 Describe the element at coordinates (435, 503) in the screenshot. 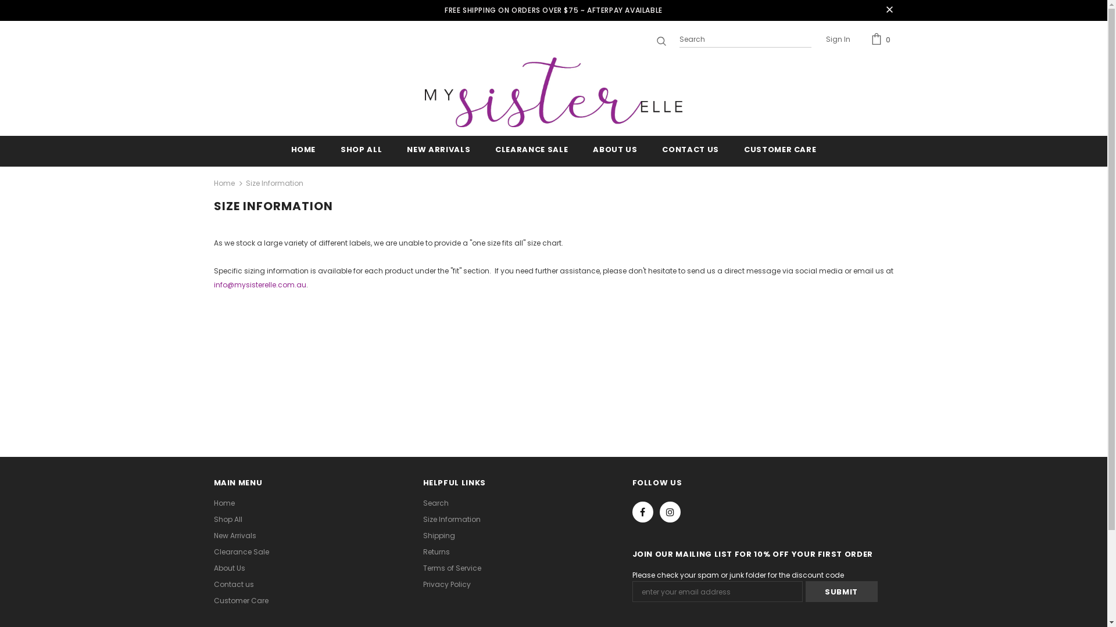

I see `'Search'` at that location.